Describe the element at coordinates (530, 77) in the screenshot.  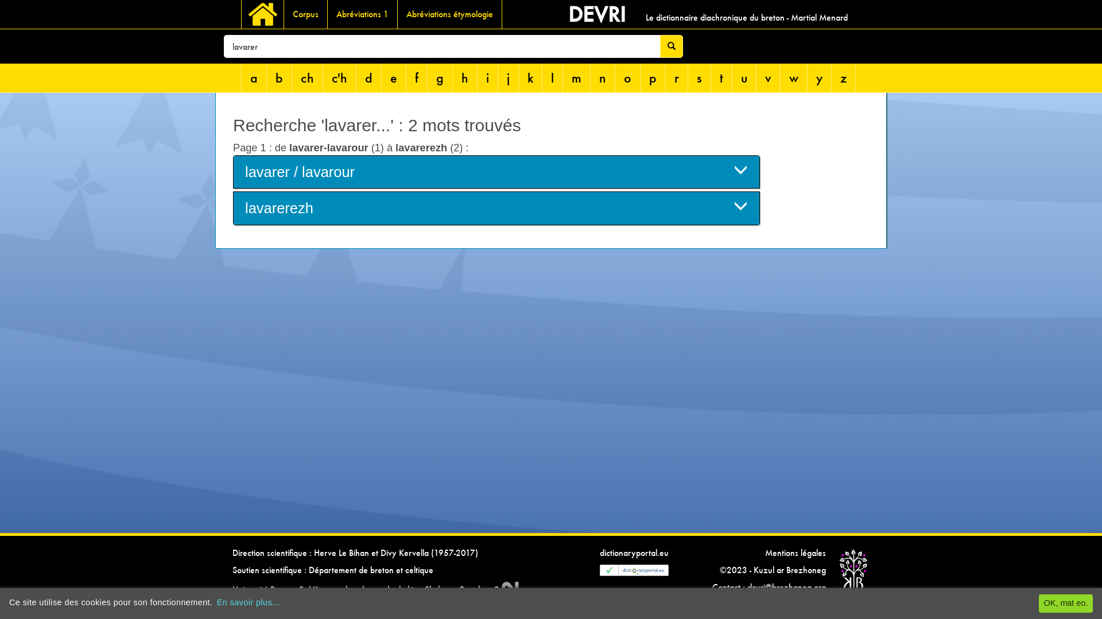
I see `'k'` at that location.